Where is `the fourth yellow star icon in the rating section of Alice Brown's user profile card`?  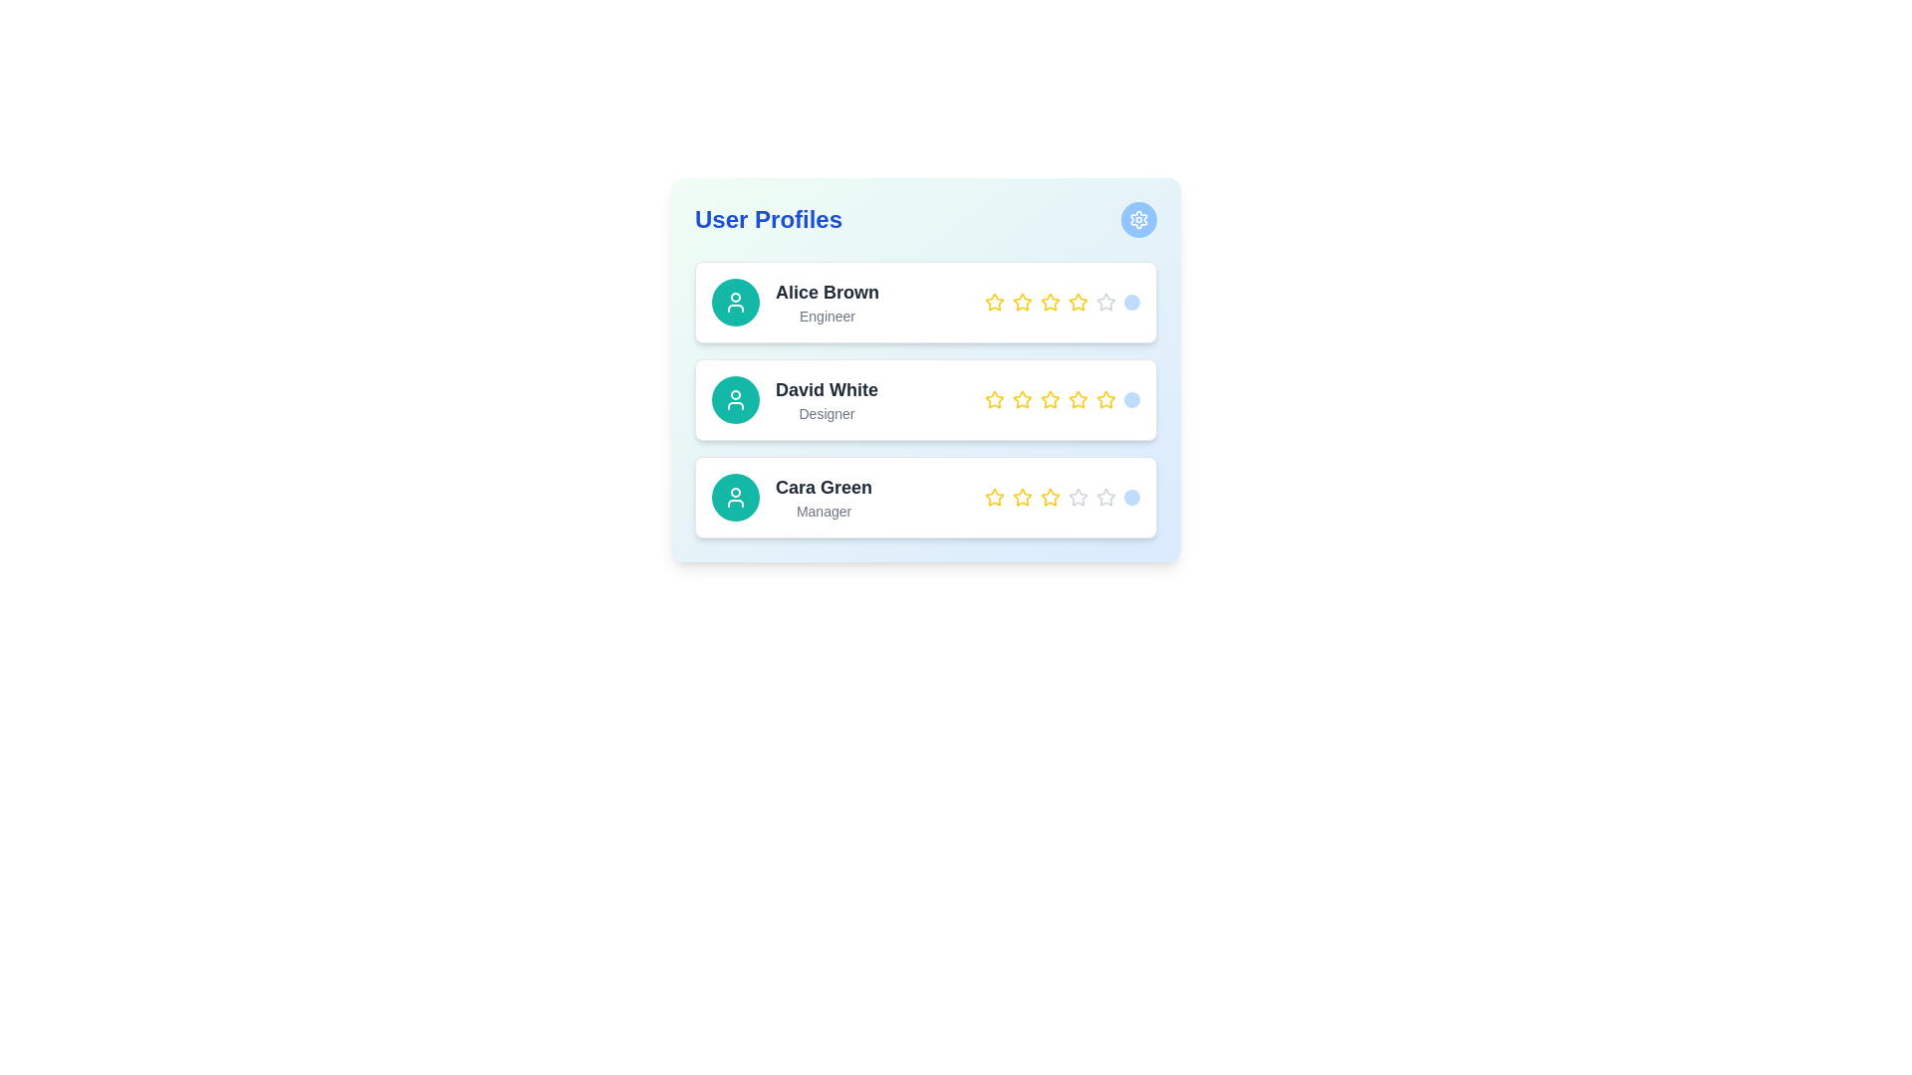
the fourth yellow star icon in the rating section of Alice Brown's user profile card is located at coordinates (1077, 302).